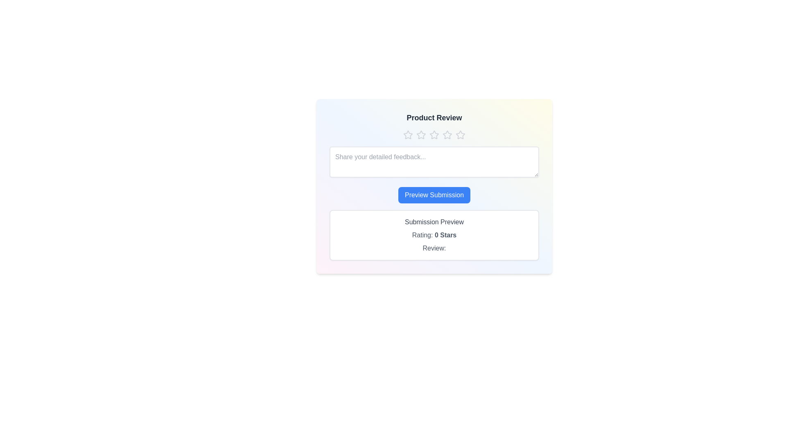 The width and height of the screenshot is (786, 442). Describe the element at coordinates (434, 135) in the screenshot. I see `the star corresponding to the desired rating of 3 stars` at that location.